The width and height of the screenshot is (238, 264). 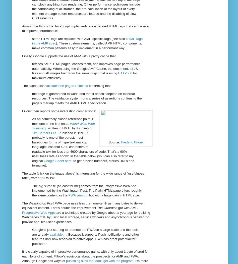 I want to click on 'Frederic Filloux', so click(x=121, y=142).